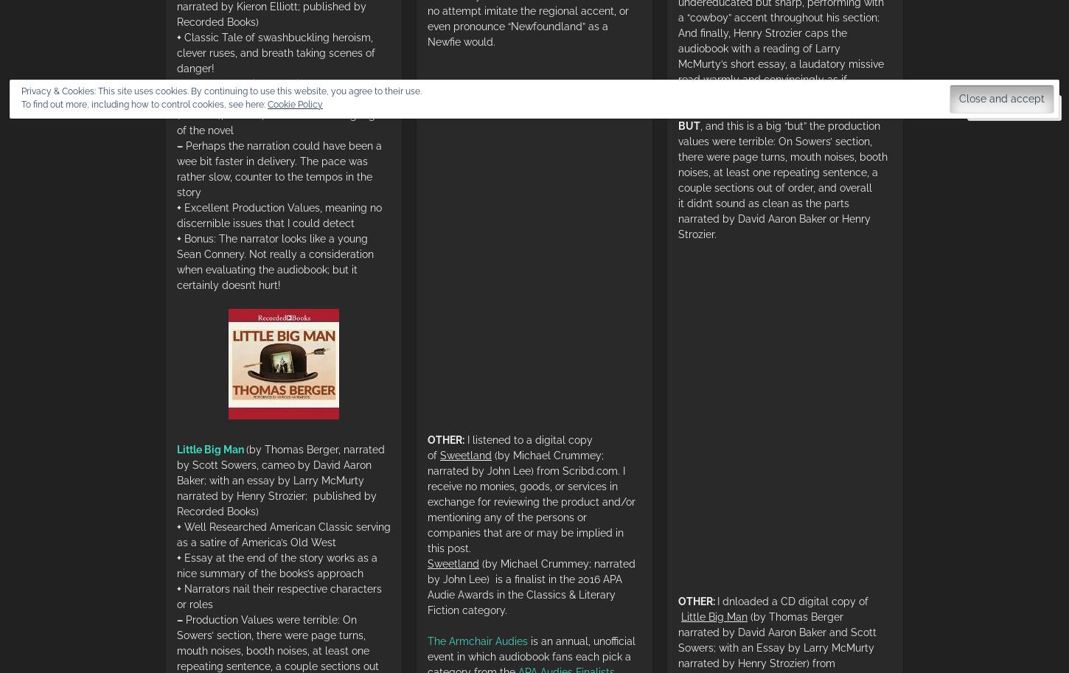 The height and width of the screenshot is (673, 1069). What do you see at coordinates (282, 534) in the screenshot?
I see `'Well Researched American Classic serving as a satire of America’s Old West'` at bounding box center [282, 534].